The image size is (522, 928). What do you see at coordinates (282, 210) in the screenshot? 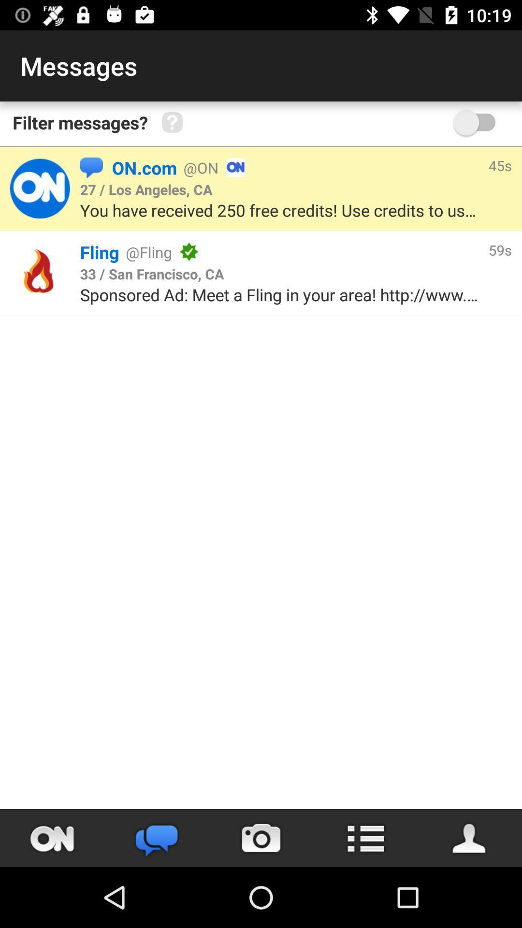
I see `the you have received item` at bounding box center [282, 210].